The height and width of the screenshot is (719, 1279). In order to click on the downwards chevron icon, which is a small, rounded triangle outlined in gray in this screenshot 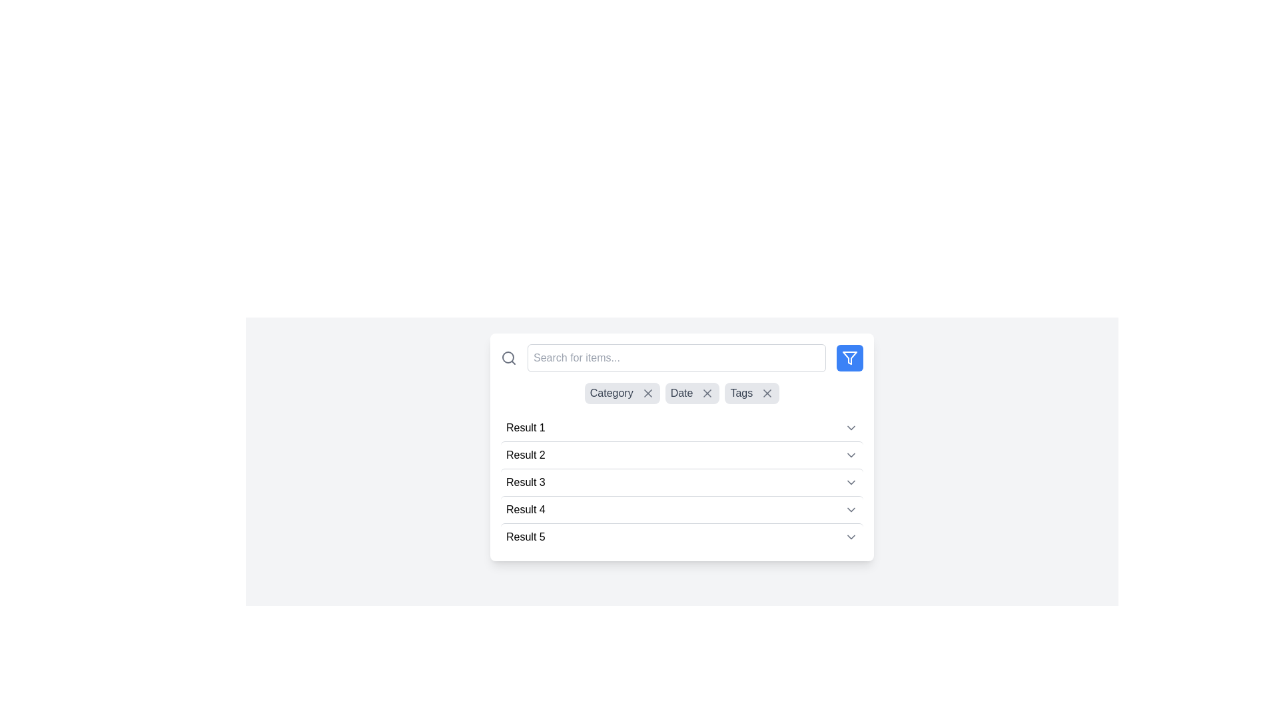, I will do `click(850, 483)`.